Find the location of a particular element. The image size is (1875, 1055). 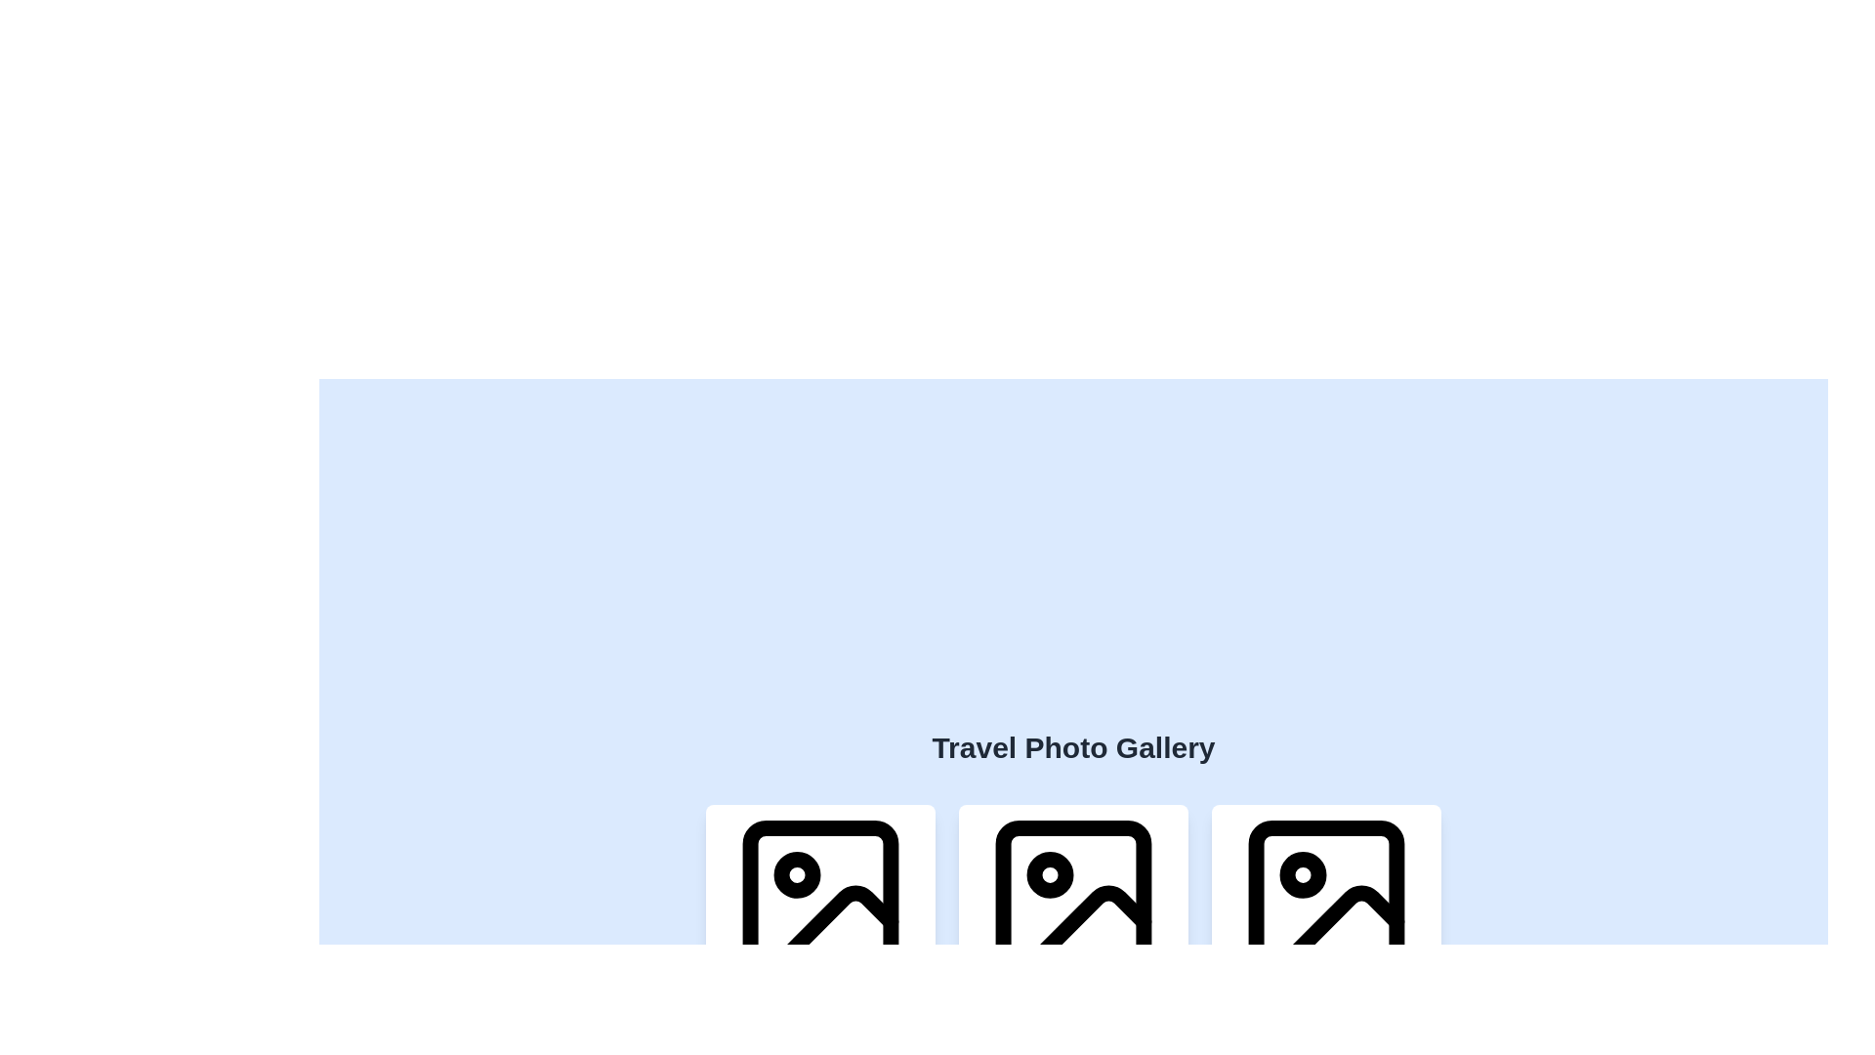

the image display placeholder icon located at the center of the grid under 'Travel Photo Gallery' is located at coordinates (1072, 899).